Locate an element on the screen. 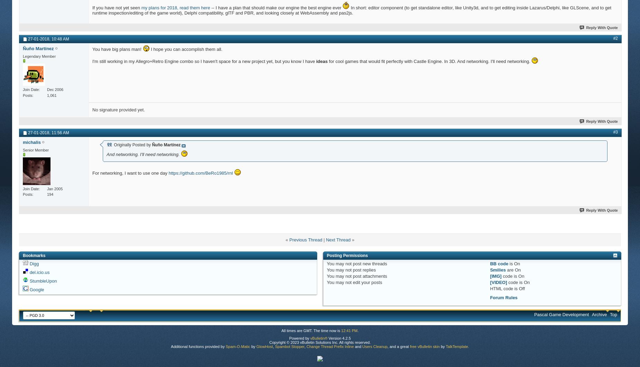 This screenshot has height=367, width=640. 'Previous Thread' is located at coordinates (305, 239).